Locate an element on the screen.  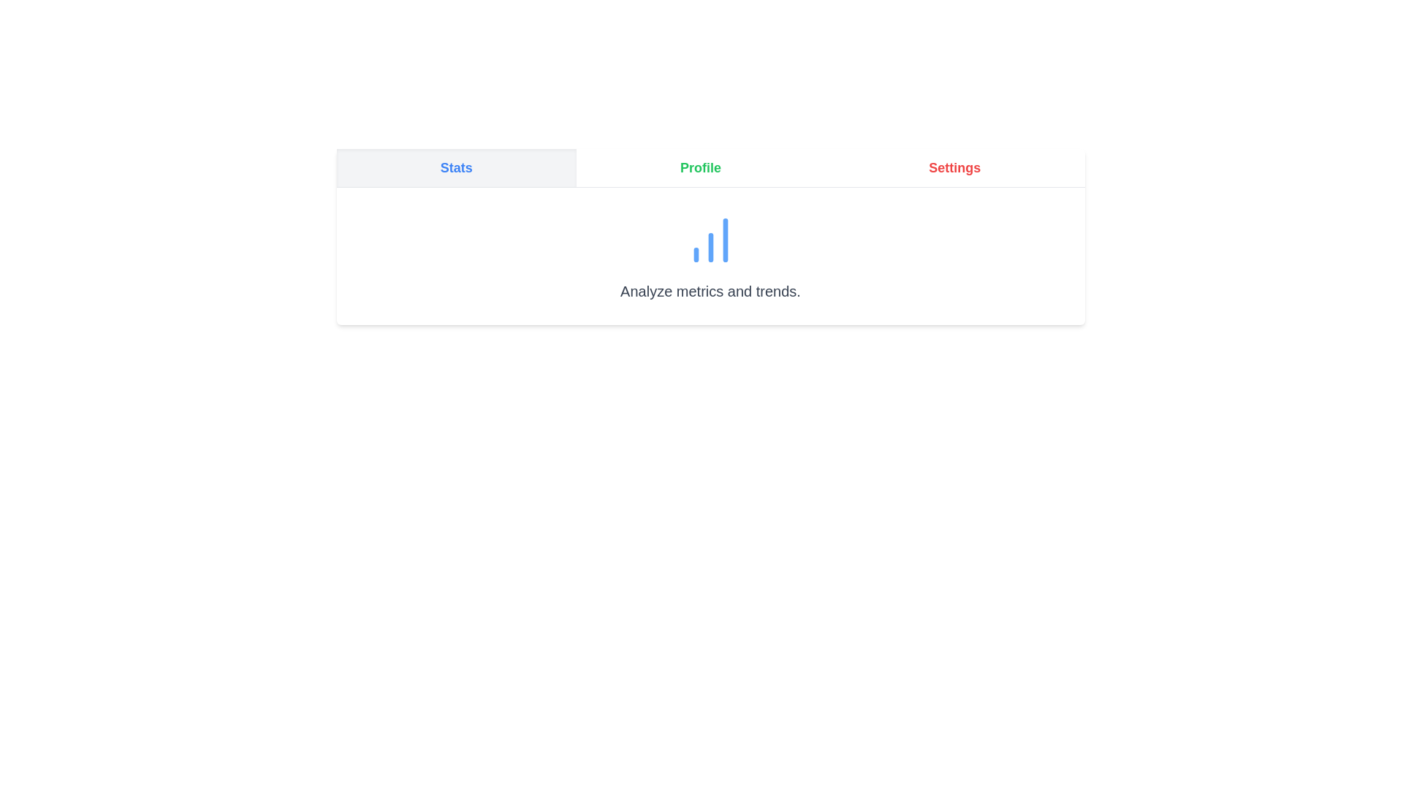
the rectangular 'Stats' button with blue text and light gray background, which is the first button in a row of three sibling buttons is located at coordinates (455, 167).